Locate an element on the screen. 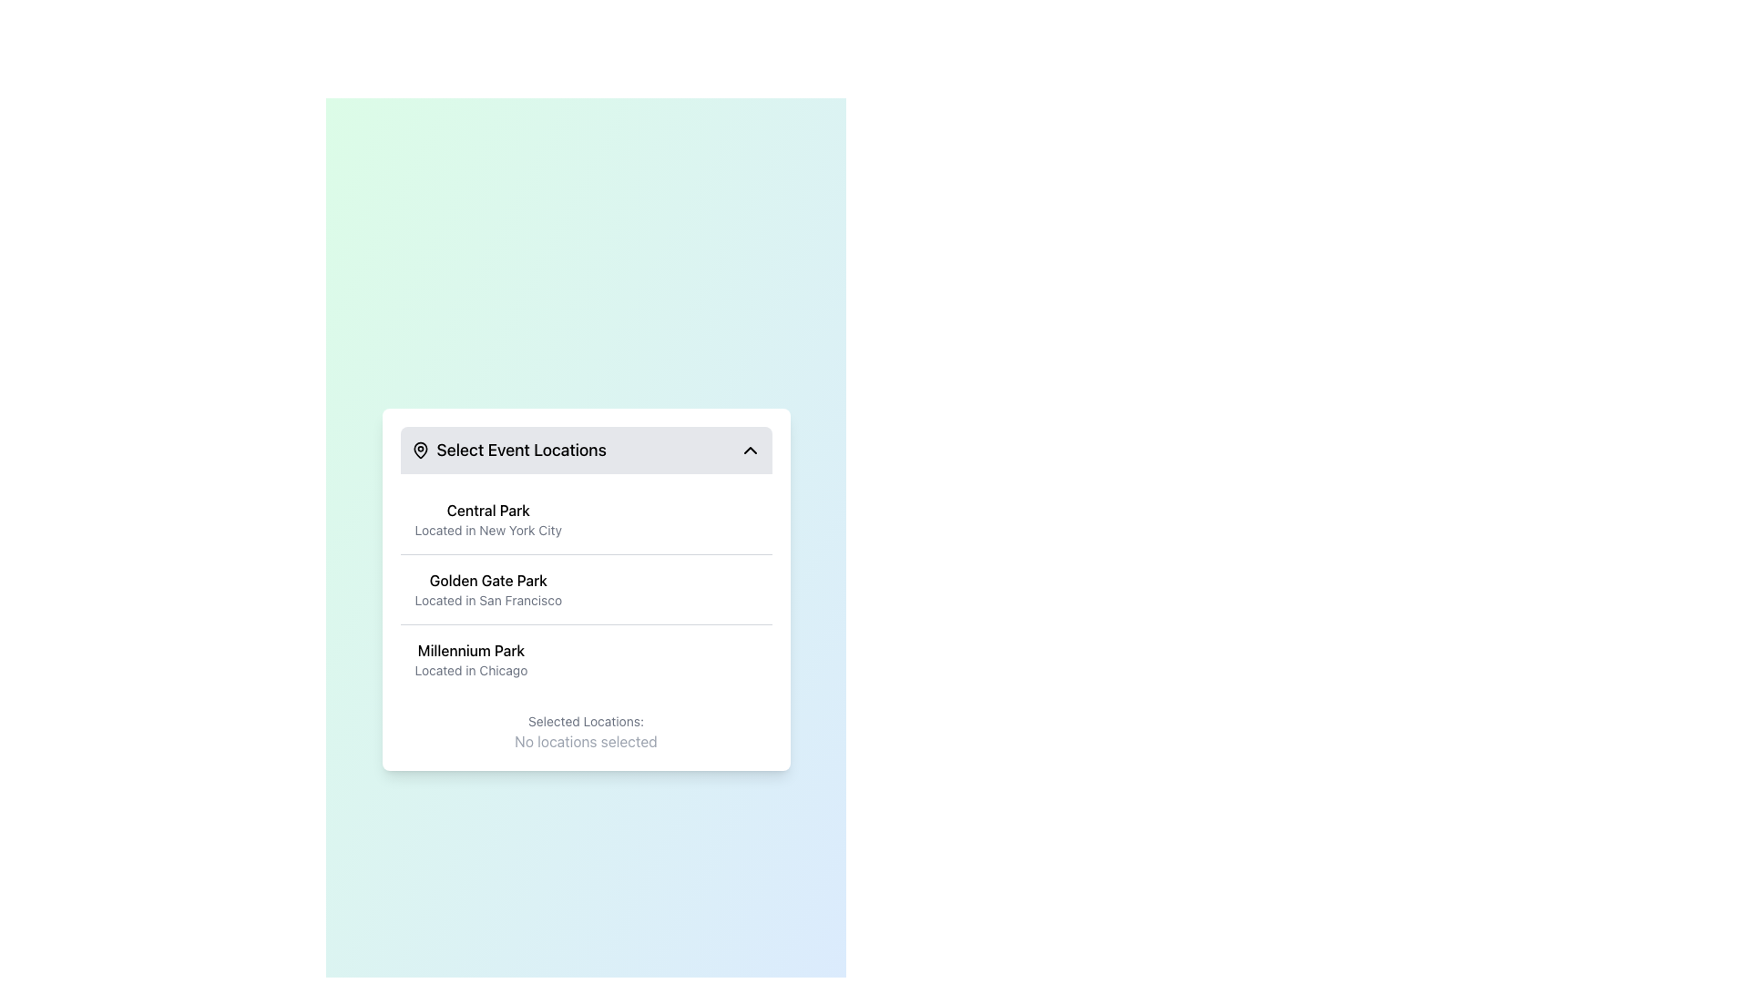 This screenshot has width=1749, height=983. the map pin icon located to the left of the text 'Select Event Locations' in the header section of the UI card is located at coordinates (419, 450).